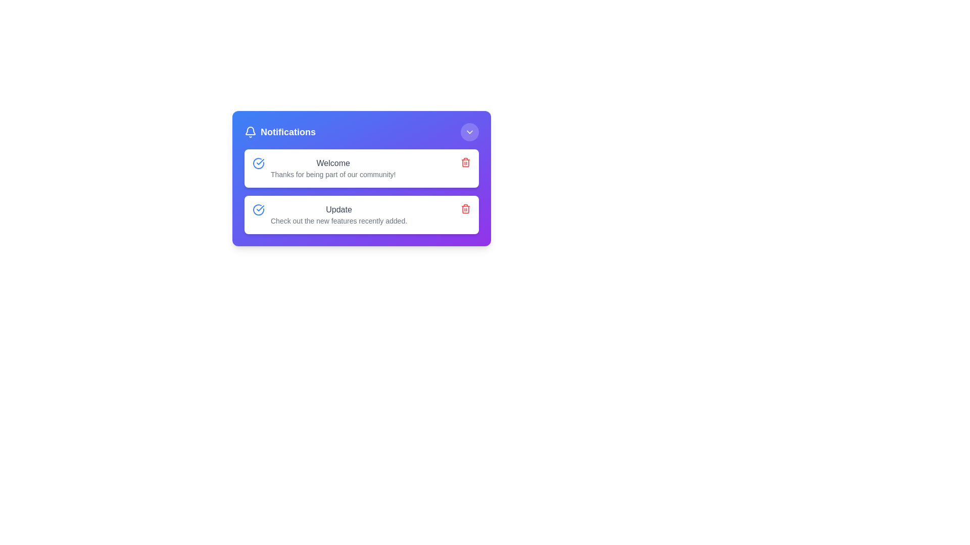  Describe the element at coordinates (339, 214) in the screenshot. I see `informational text block located between the 'Welcome' notification and the red delete icon notification, which provides updates to the user` at that location.